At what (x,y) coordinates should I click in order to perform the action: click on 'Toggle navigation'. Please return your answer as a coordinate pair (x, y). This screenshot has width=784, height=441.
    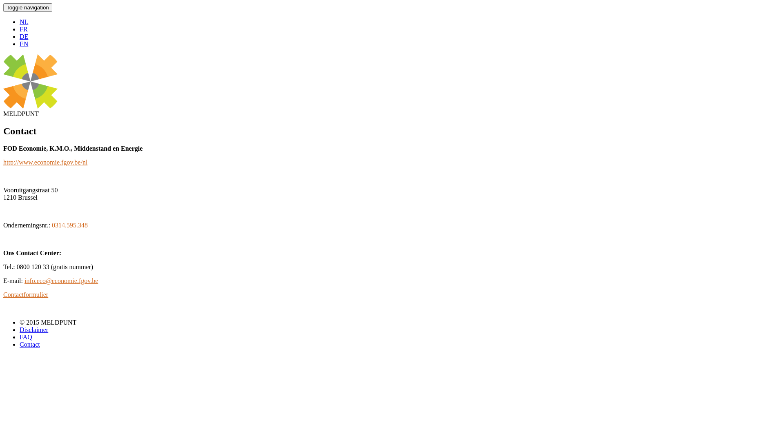
    Looking at the image, I should click on (27, 7).